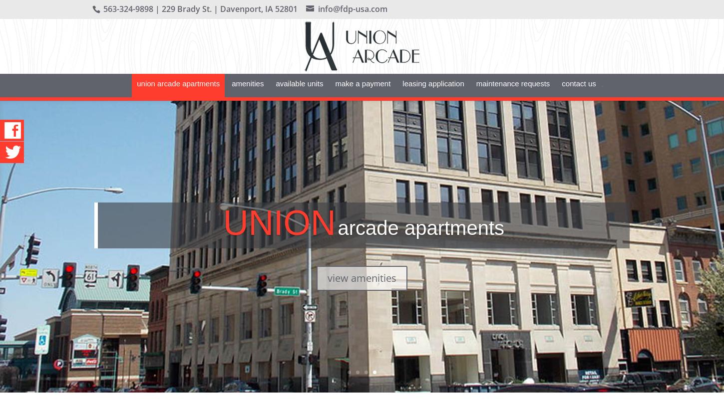 The image size is (724, 408). What do you see at coordinates (279, 237) in the screenshot?
I see `'Union'` at bounding box center [279, 237].